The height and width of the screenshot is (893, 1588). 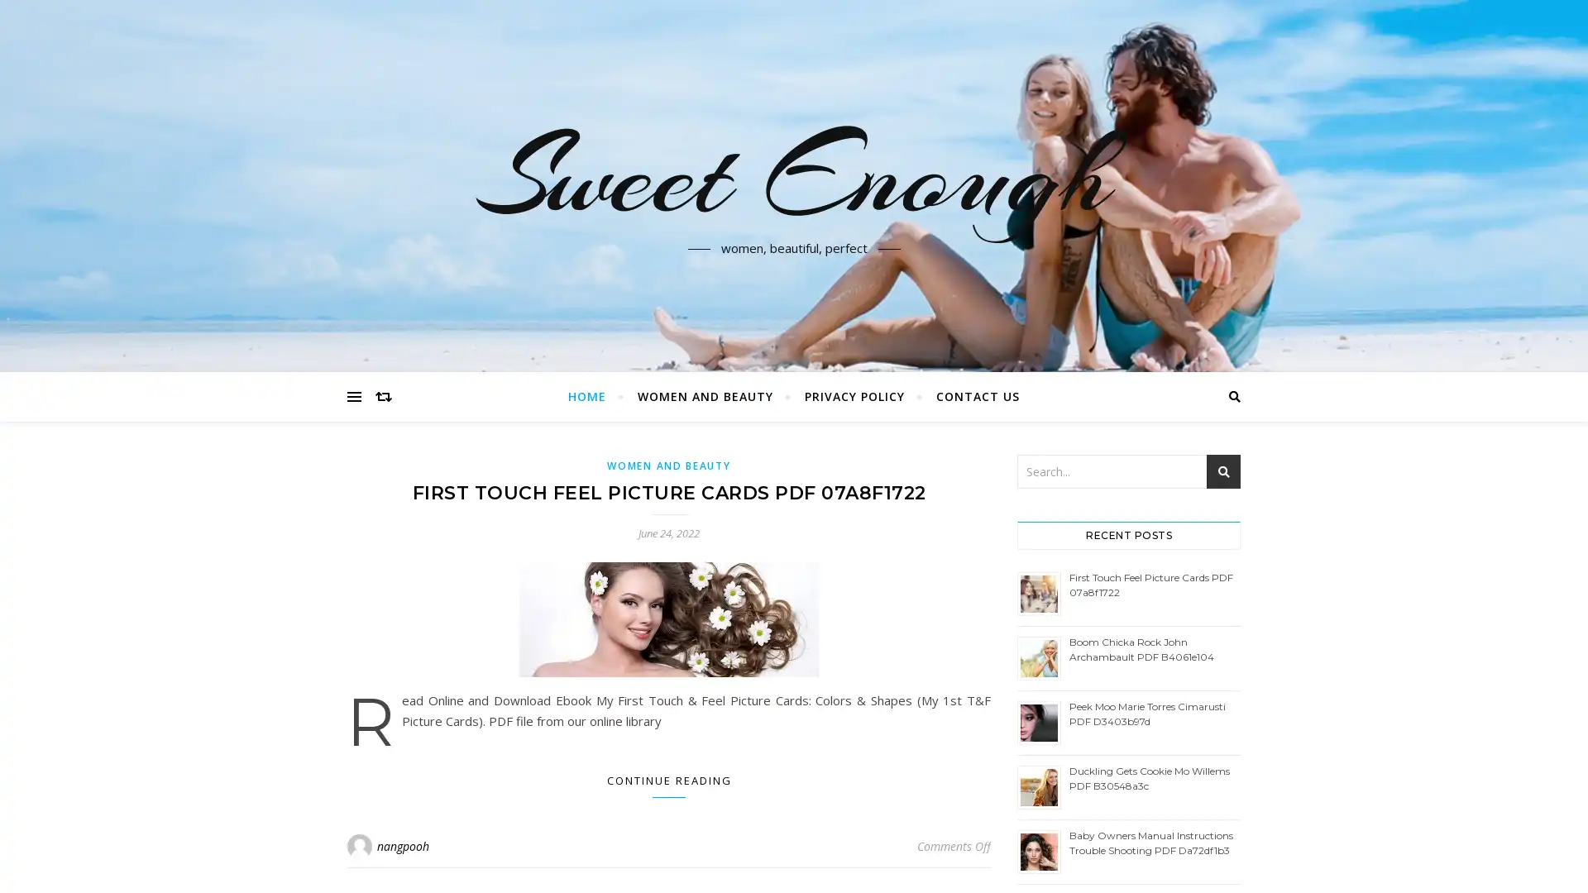 I want to click on st, so click(x=1223, y=471).